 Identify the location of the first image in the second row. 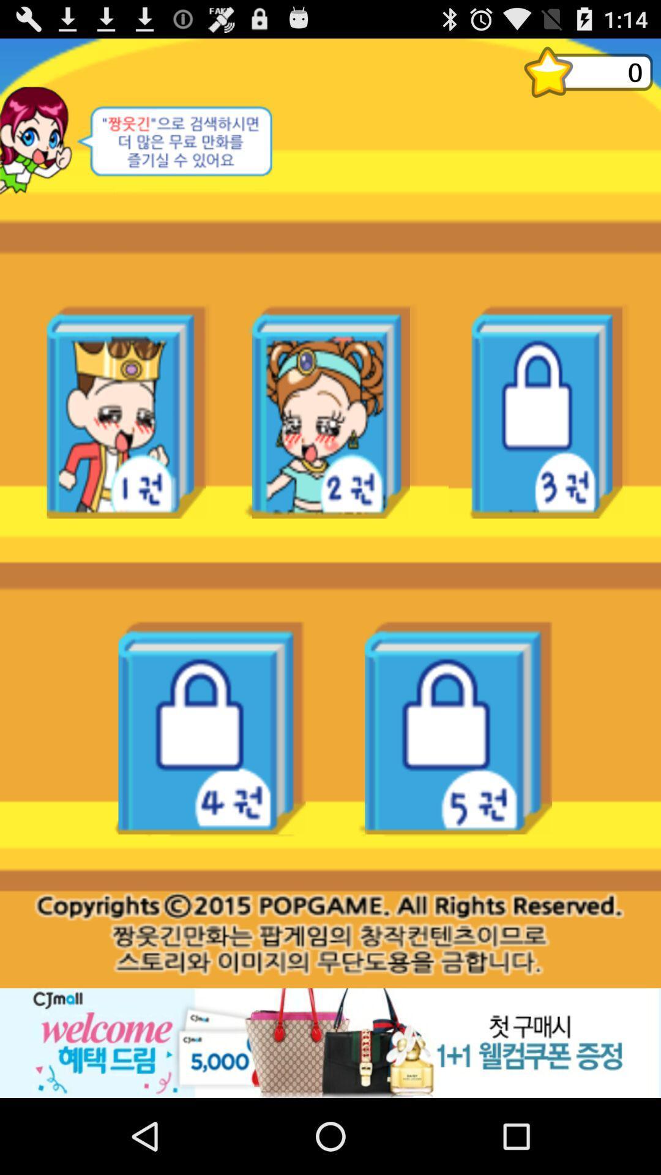
(212, 727).